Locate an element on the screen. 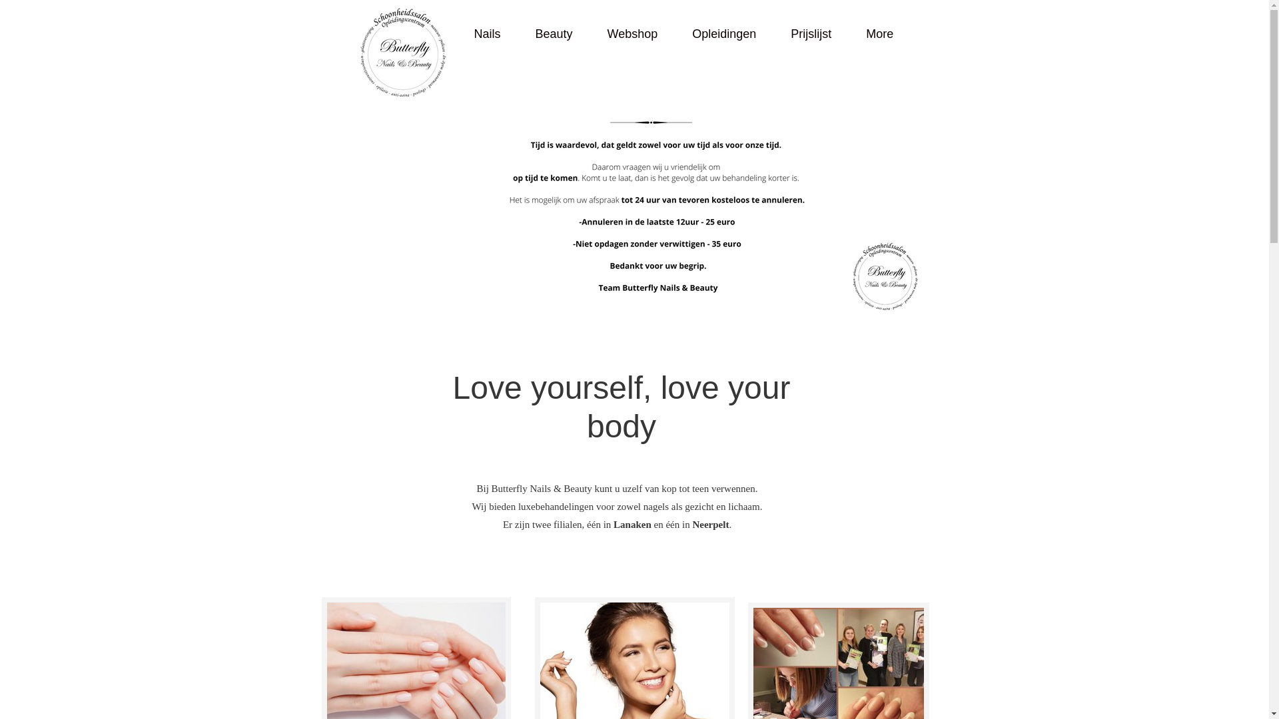  'Opleidingen' is located at coordinates (674, 33).